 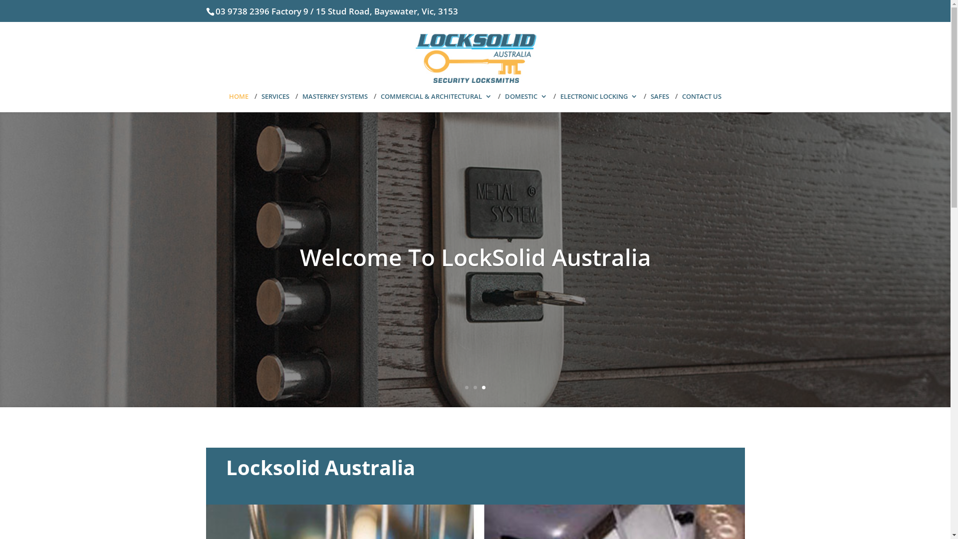 What do you see at coordinates (436, 102) in the screenshot?
I see `'COMMERCIAL & ARCHITECTURAL'` at bounding box center [436, 102].